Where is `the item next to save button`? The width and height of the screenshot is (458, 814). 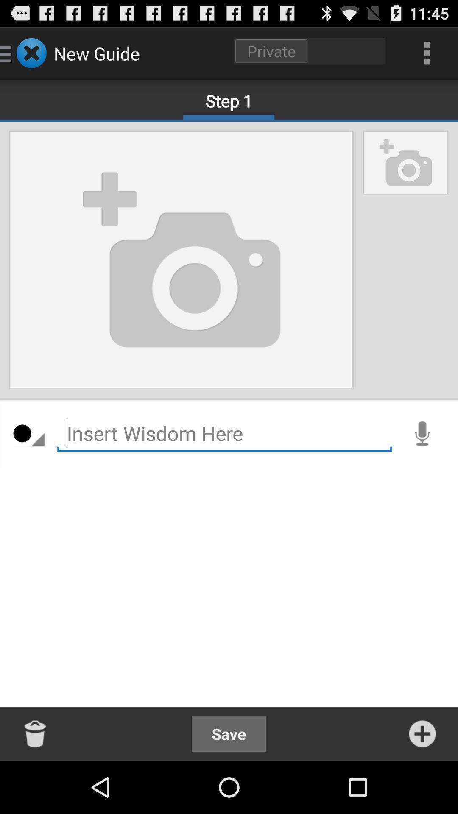 the item next to save button is located at coordinates (35, 733).